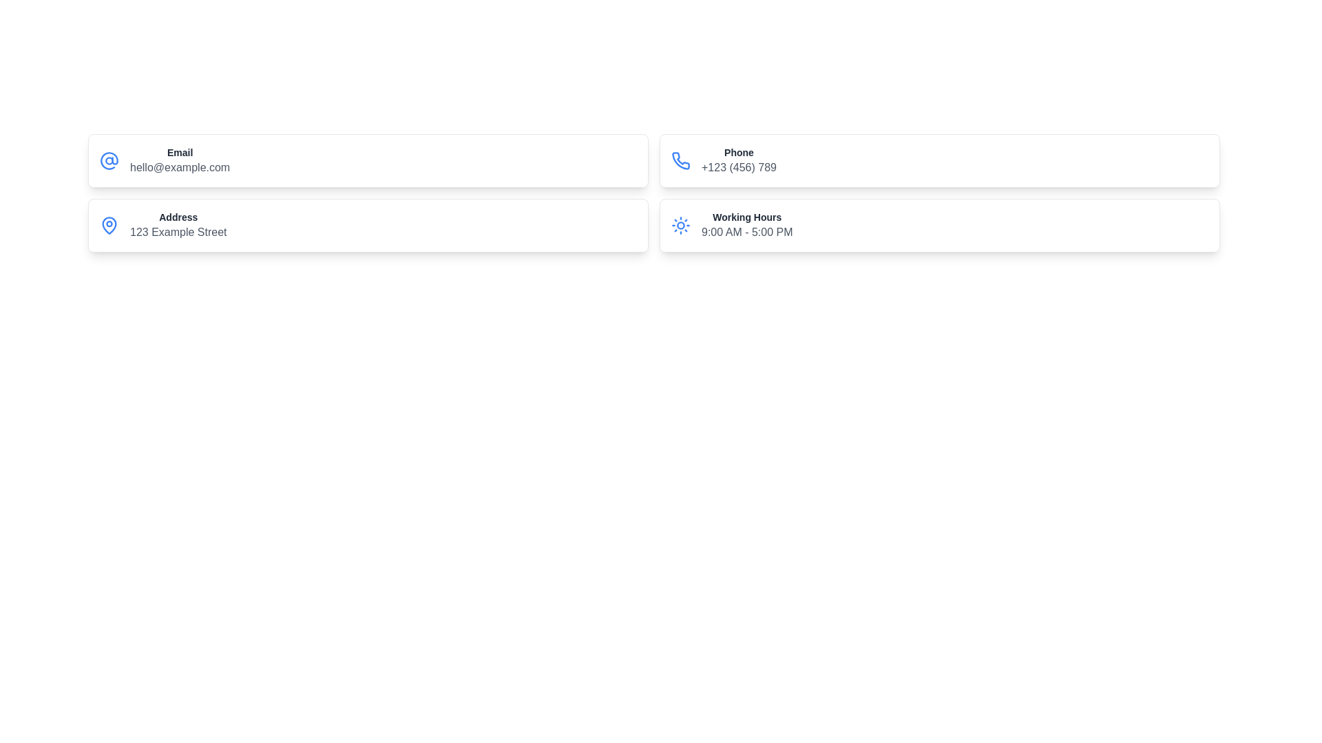 The width and height of the screenshot is (1322, 743). Describe the element at coordinates (178, 232) in the screenshot. I see `the Text Label that displays the address information, positioned immediately below the 'Address' label in a vertical list on the left side of the interface` at that location.